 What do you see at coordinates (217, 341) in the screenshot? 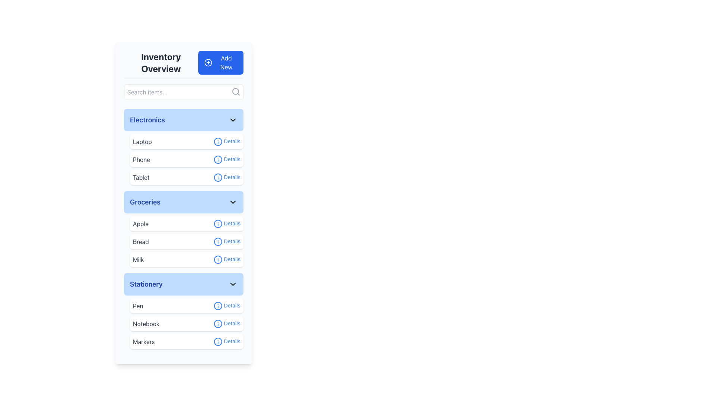
I see `the information indicator icon located in the 'Stationery' section under 'Markers', to the left of the 'Details' label` at bounding box center [217, 341].